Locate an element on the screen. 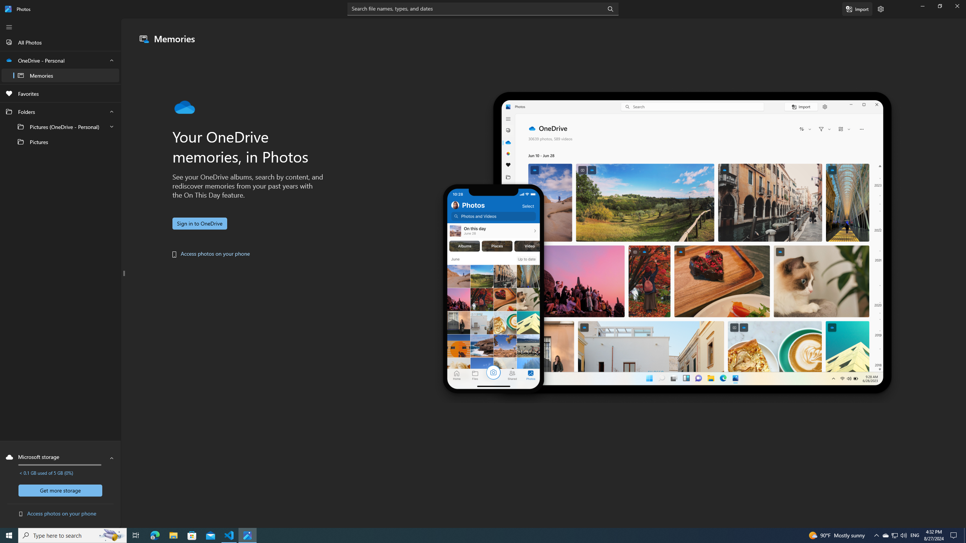 The width and height of the screenshot is (966, 543). 'OneDrive - Personal' is located at coordinates (60, 68).